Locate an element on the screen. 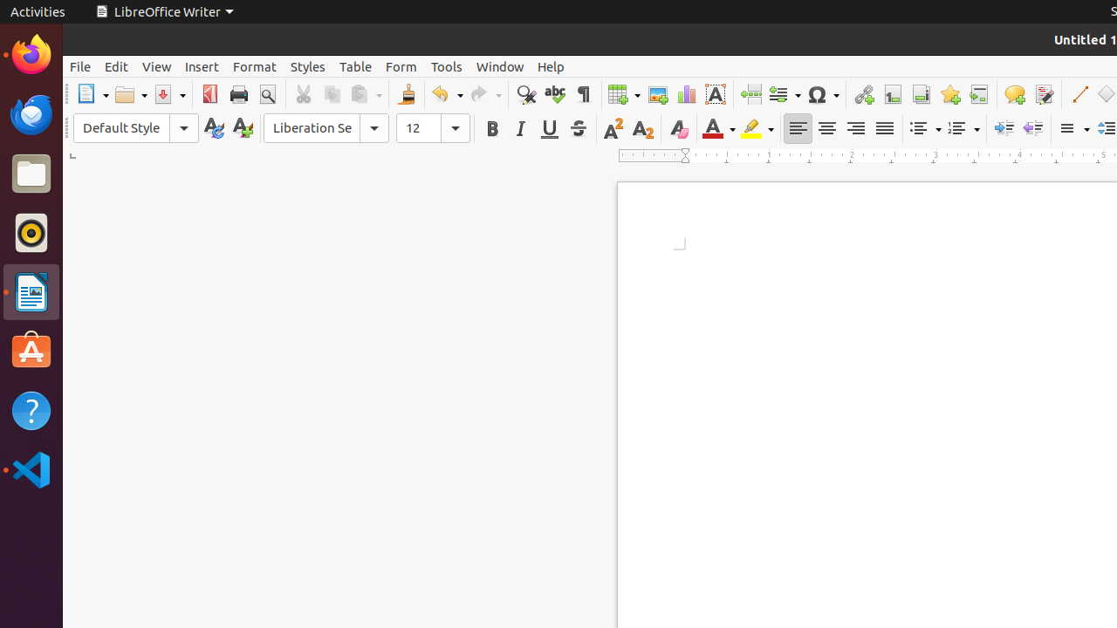 This screenshot has width=1117, height=628. 'Cross-reference' is located at coordinates (978, 94).